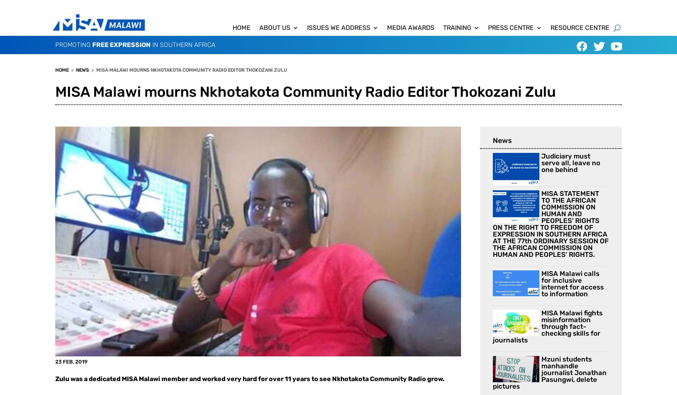 The width and height of the screenshot is (677, 395). Describe the element at coordinates (497, 76) in the screenshot. I see `'MISA Malawi publications'` at that location.